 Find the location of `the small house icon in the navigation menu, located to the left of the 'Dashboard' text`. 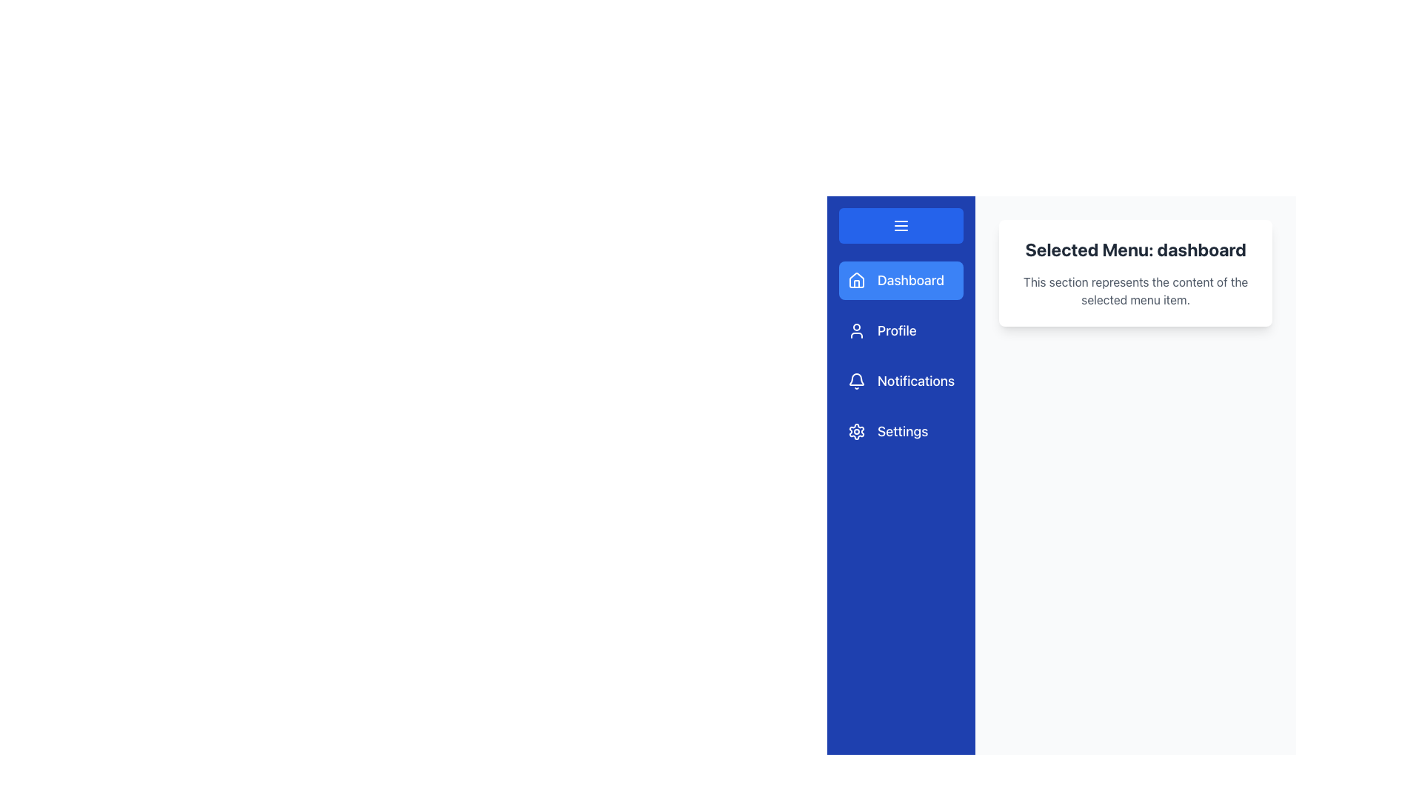

the small house icon in the navigation menu, located to the left of the 'Dashboard' text is located at coordinates (856, 280).